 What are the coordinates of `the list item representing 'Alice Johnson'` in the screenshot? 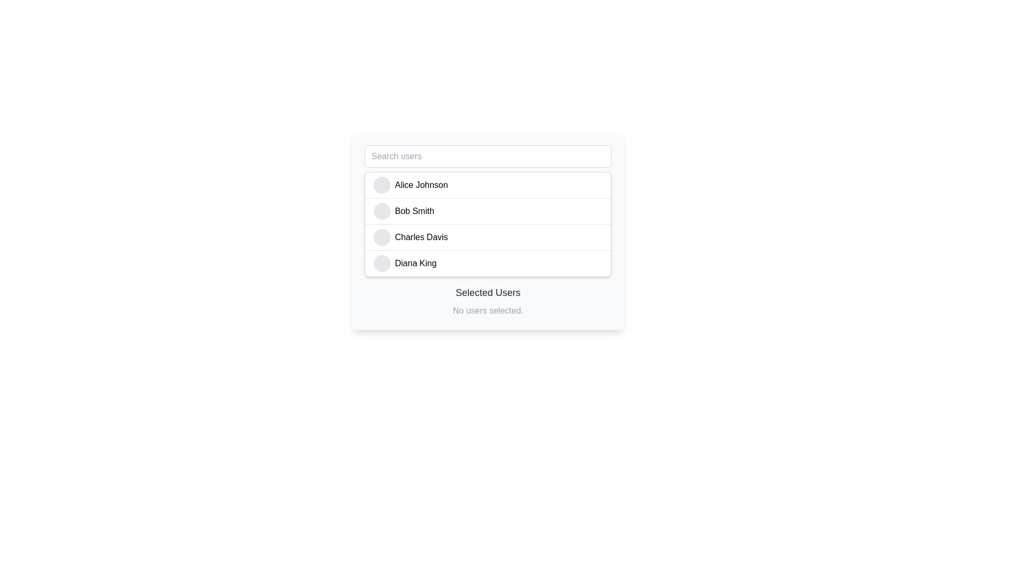 It's located at (487, 184).